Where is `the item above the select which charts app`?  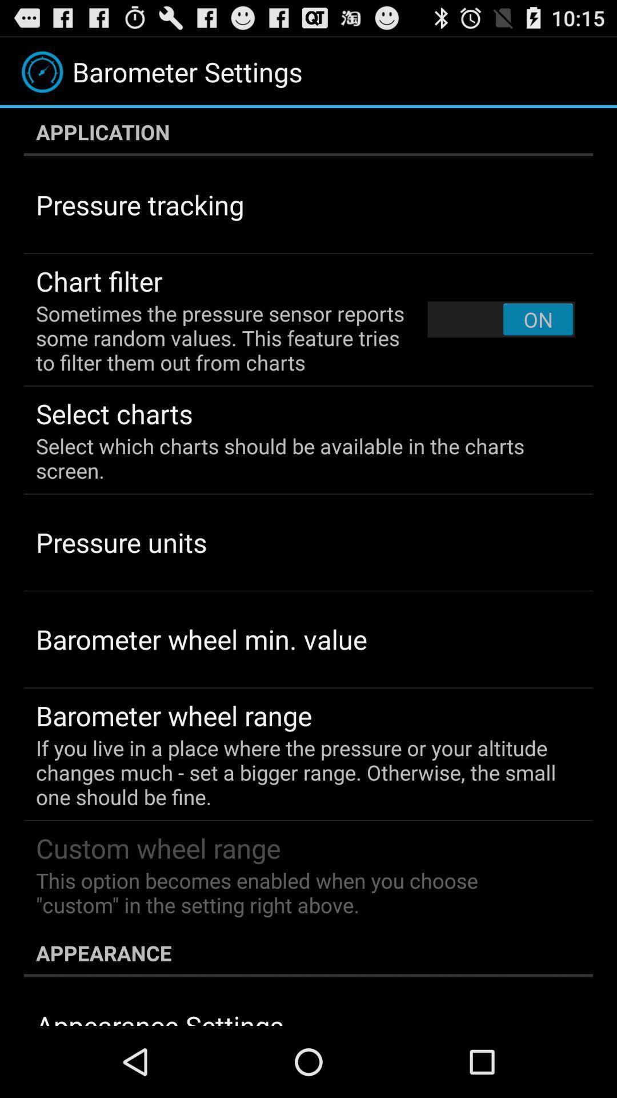
the item above the select which charts app is located at coordinates (500, 319).